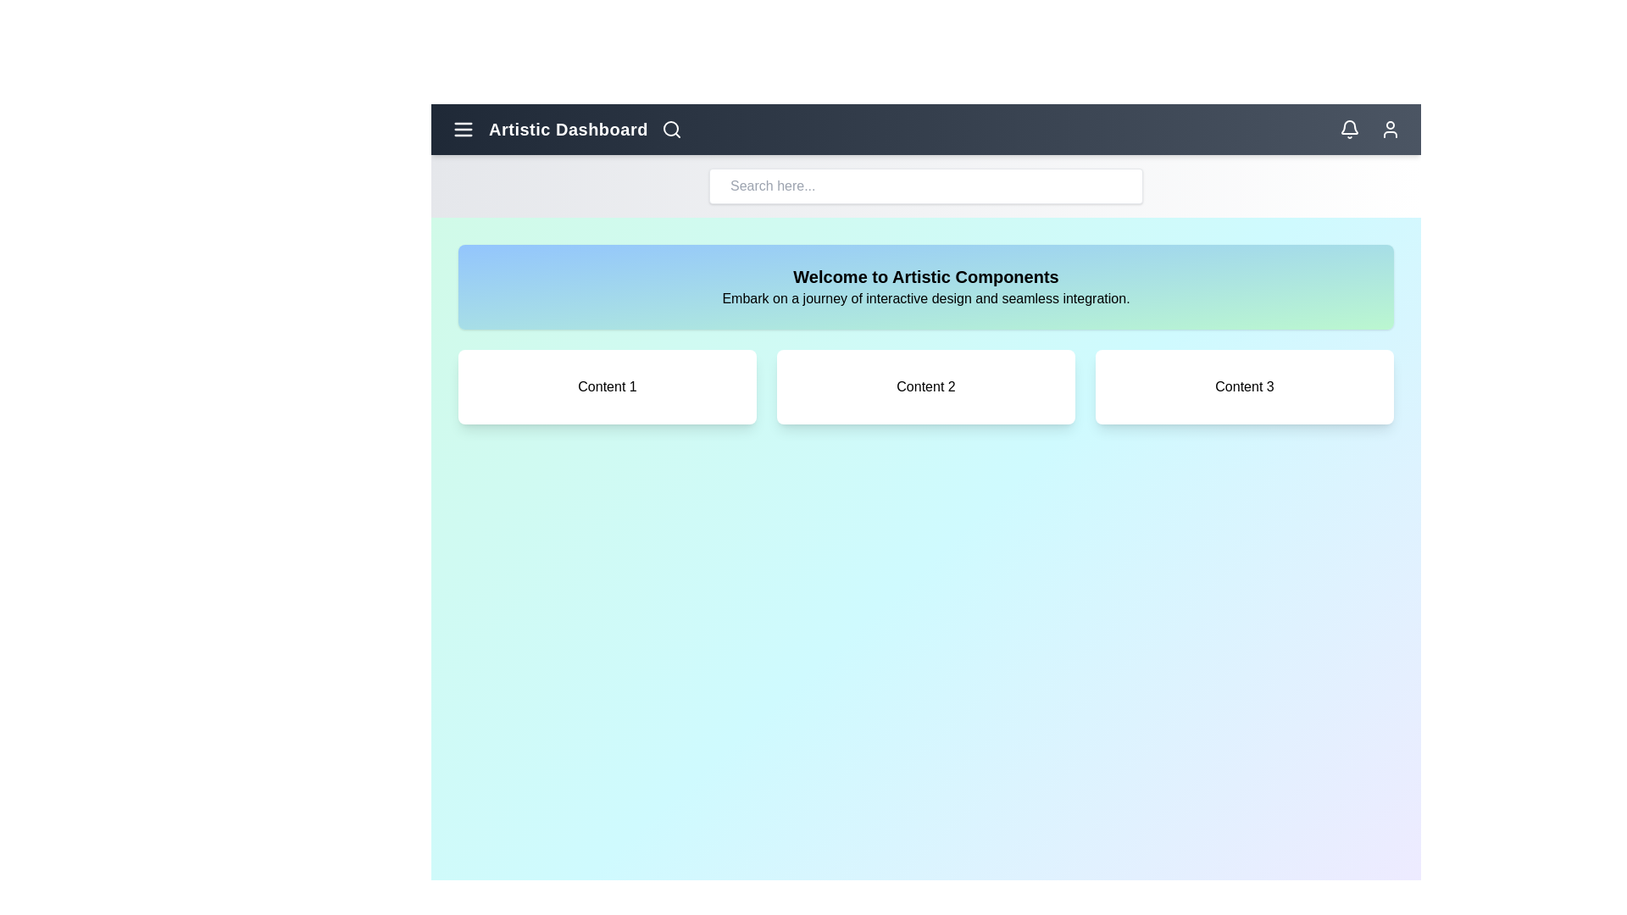 This screenshot has width=1627, height=915. I want to click on the user profile icon in the top-right corner of the app bar, so click(1391, 129).